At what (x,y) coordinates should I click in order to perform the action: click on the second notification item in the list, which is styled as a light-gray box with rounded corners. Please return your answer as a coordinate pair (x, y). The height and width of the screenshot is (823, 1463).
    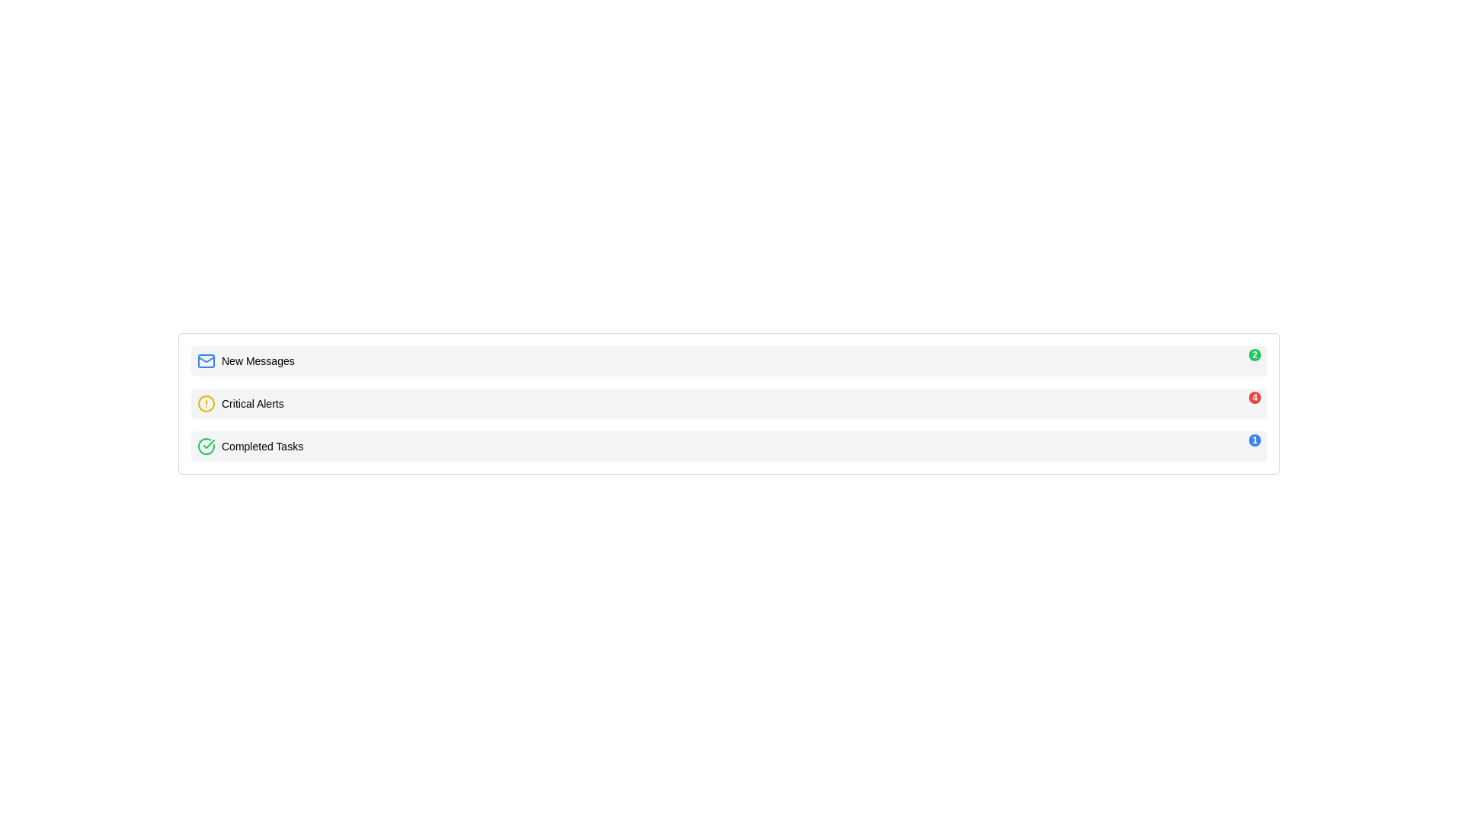
    Looking at the image, I should click on (719, 361).